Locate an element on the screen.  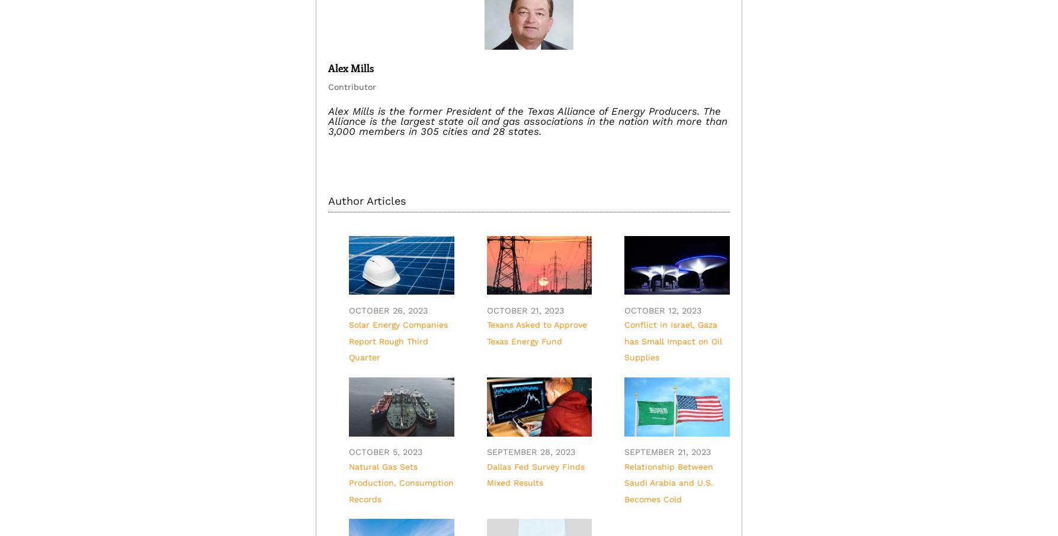
'September 28, 2023' is located at coordinates (486, 451).